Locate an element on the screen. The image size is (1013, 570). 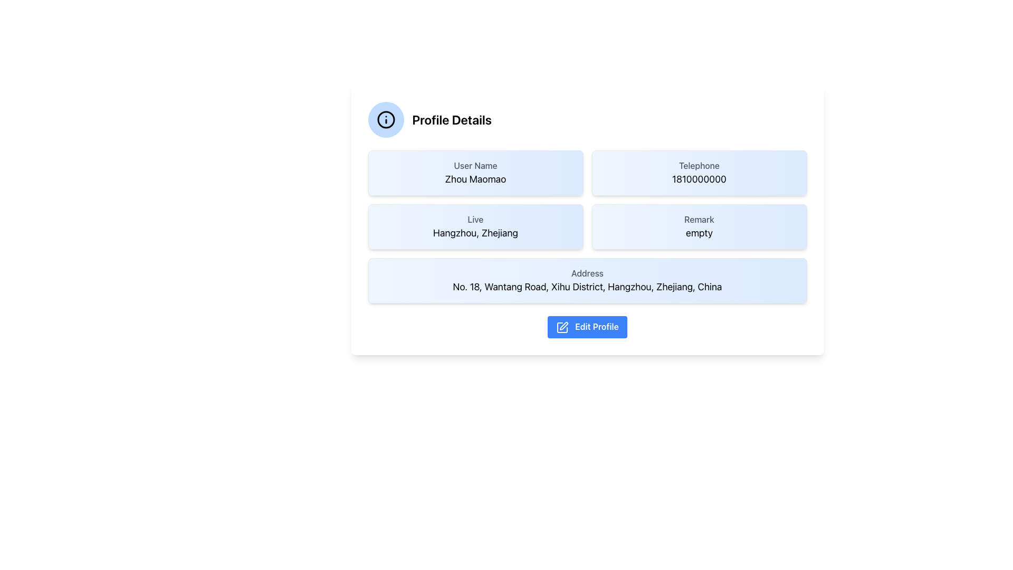
the visual design of the editing icon located within the 'Edit Profile' button, positioned towards the left of the button's text content is located at coordinates (562, 327).